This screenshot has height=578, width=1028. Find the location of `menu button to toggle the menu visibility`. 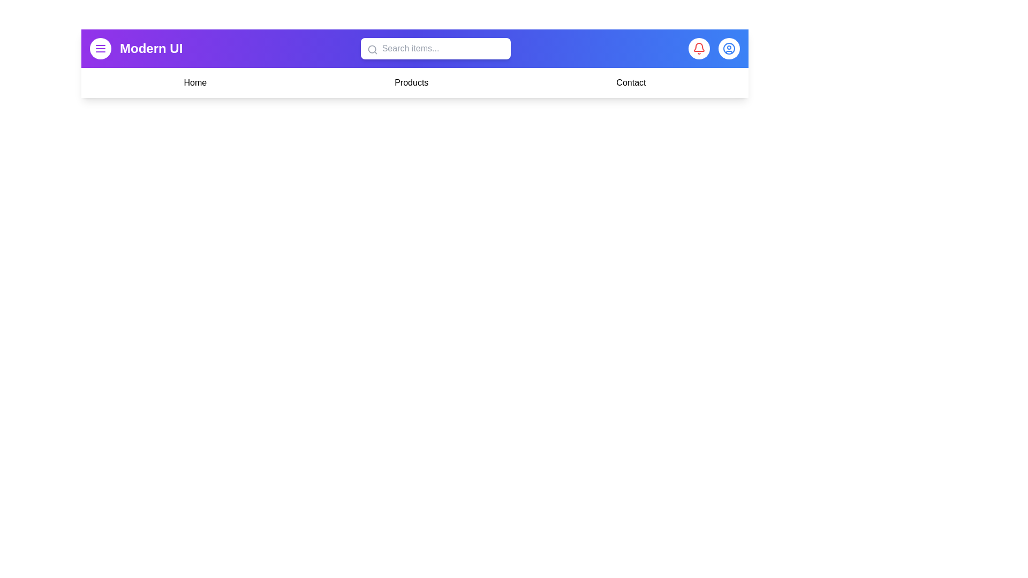

menu button to toggle the menu visibility is located at coordinates (100, 49).